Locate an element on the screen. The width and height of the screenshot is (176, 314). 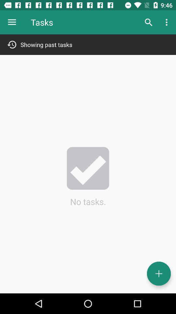
item next to the tasks item is located at coordinates (12, 22).